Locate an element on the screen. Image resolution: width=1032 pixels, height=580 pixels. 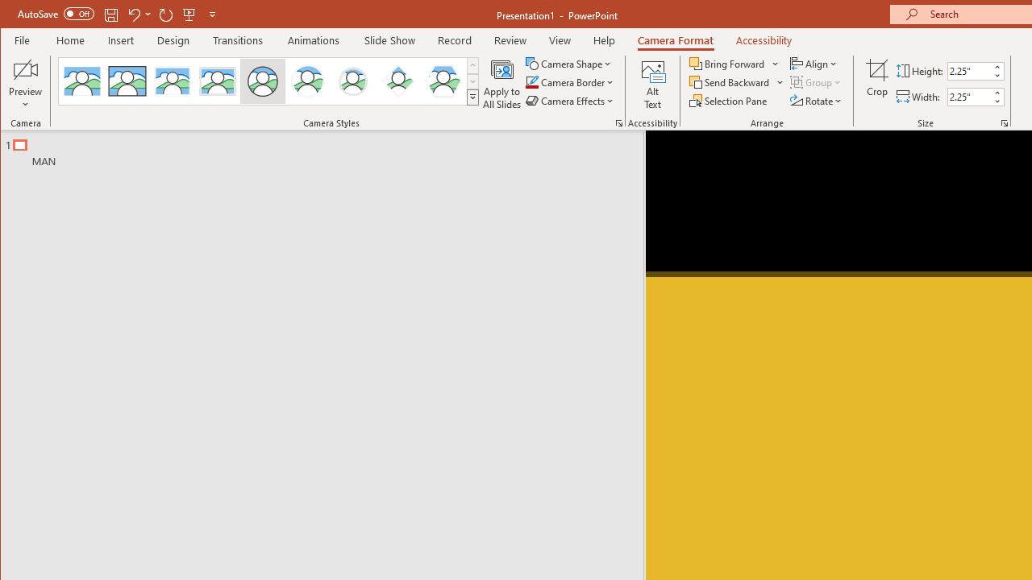
'Send Backward' is located at coordinates (736, 82).